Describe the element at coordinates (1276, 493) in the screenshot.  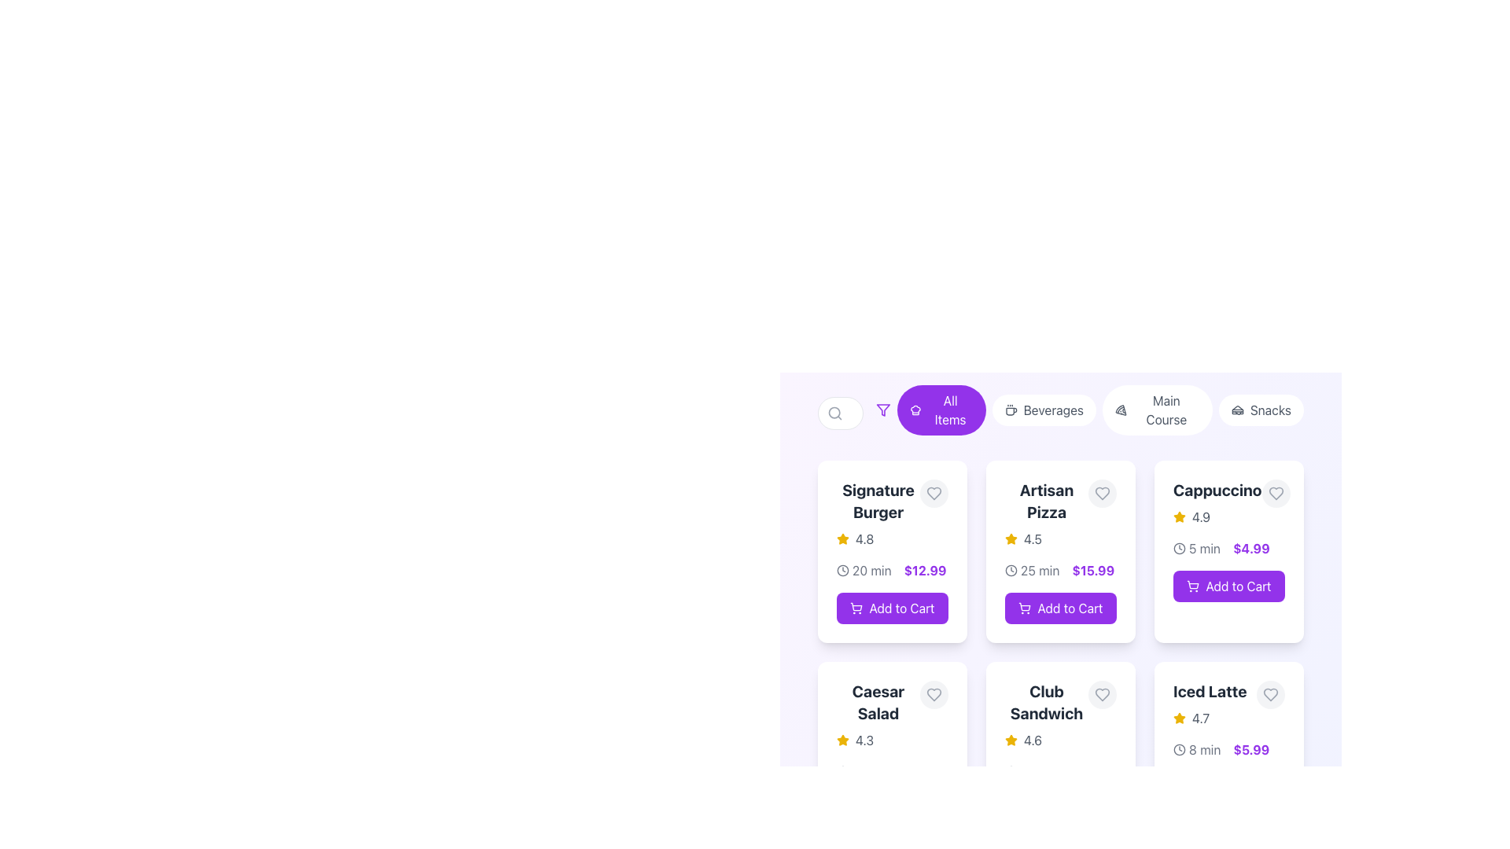
I see `the heart-shaped icon located in the top-right corner of the Cappuccino card, which is styled with a thin, hollow outline and changes color on hover` at that location.